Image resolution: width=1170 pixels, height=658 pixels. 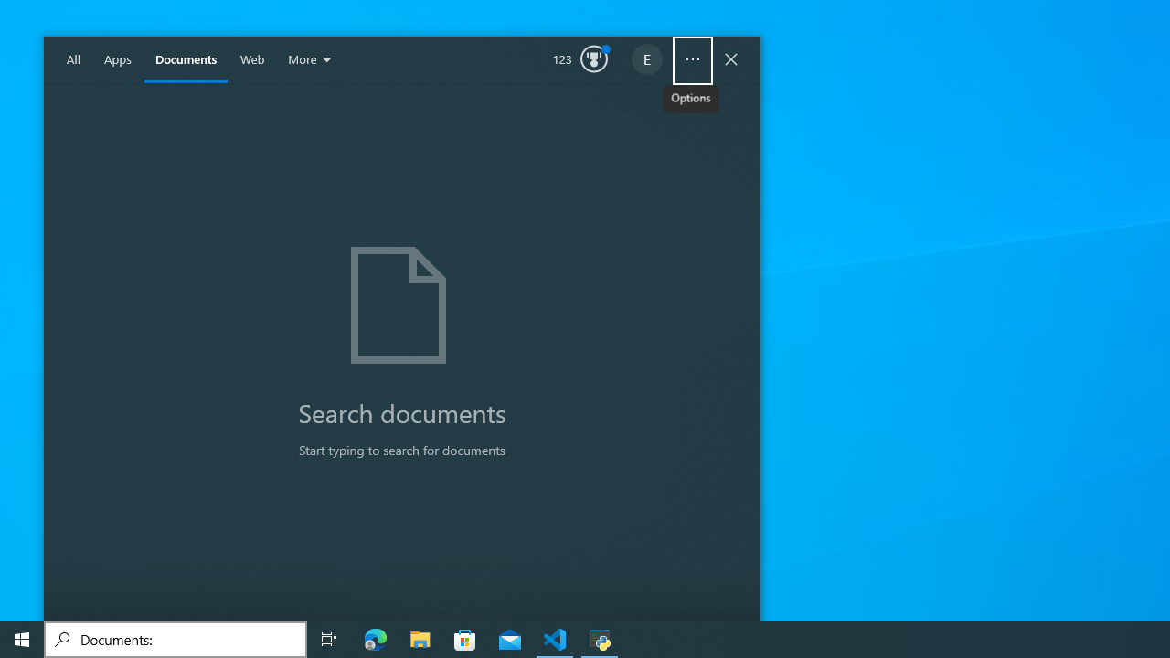 I want to click on 'All', so click(x=73, y=59).